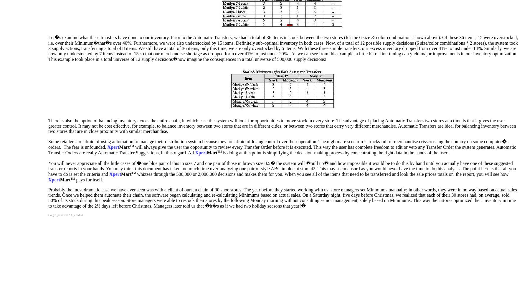 The image size is (522, 294). I want to click on 'pays for itself.', so click(88, 179).